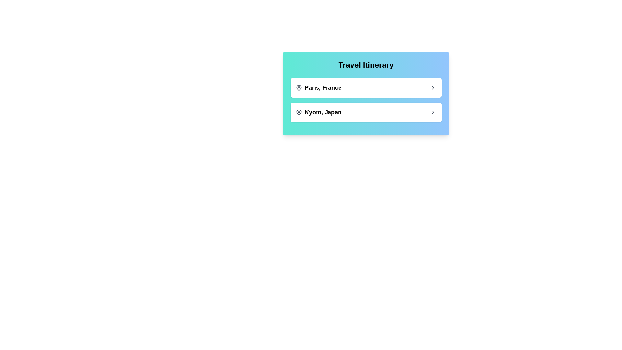 This screenshot has height=350, width=622. I want to click on the list item displaying 'Kyoto, Japan', which is the second entry in the travel itinerary, located below 'Paris, France', so click(366, 112).